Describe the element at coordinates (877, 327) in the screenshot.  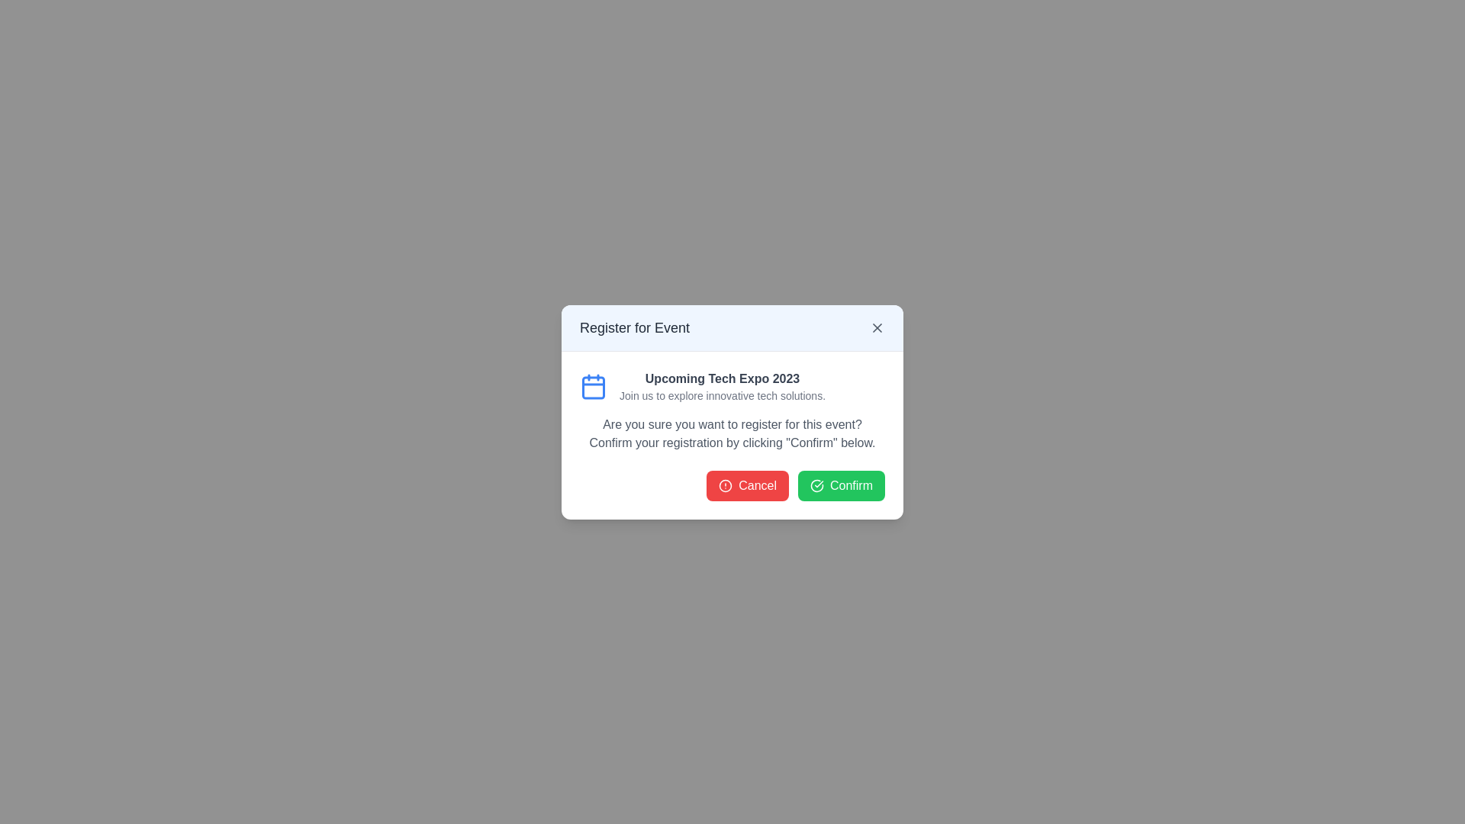
I see `the Close Button icon located at the top-right corner of the 'Register for Event' modal` at that location.